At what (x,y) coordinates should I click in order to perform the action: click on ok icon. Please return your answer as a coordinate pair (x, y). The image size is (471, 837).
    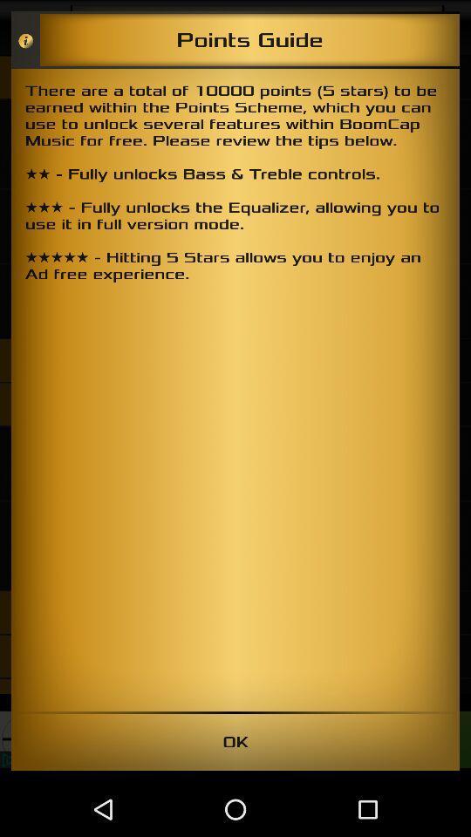
    Looking at the image, I should click on (235, 741).